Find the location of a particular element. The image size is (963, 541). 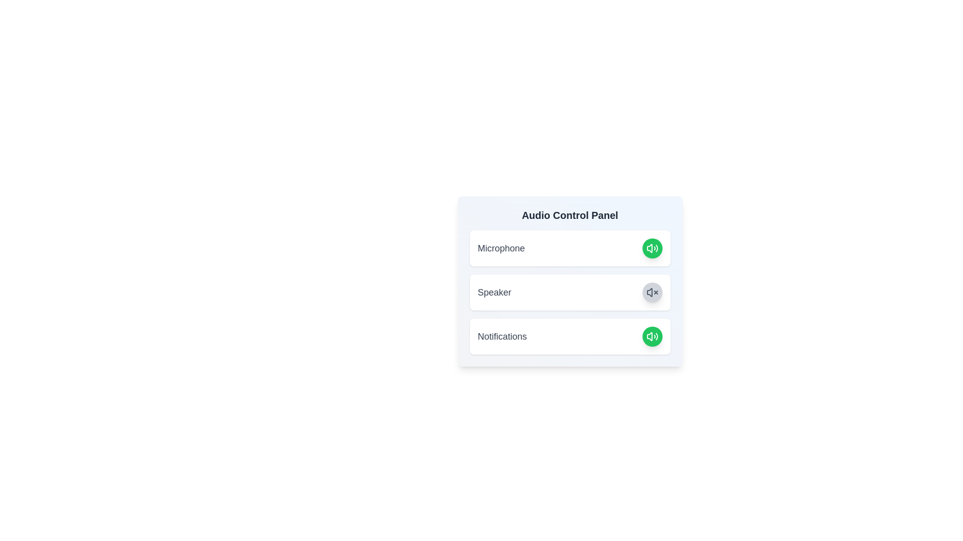

the 'Notifications' text element, which is styled with a medium font weight and gray color, located in the bottom left corner of the card layout is located at coordinates (502, 336).